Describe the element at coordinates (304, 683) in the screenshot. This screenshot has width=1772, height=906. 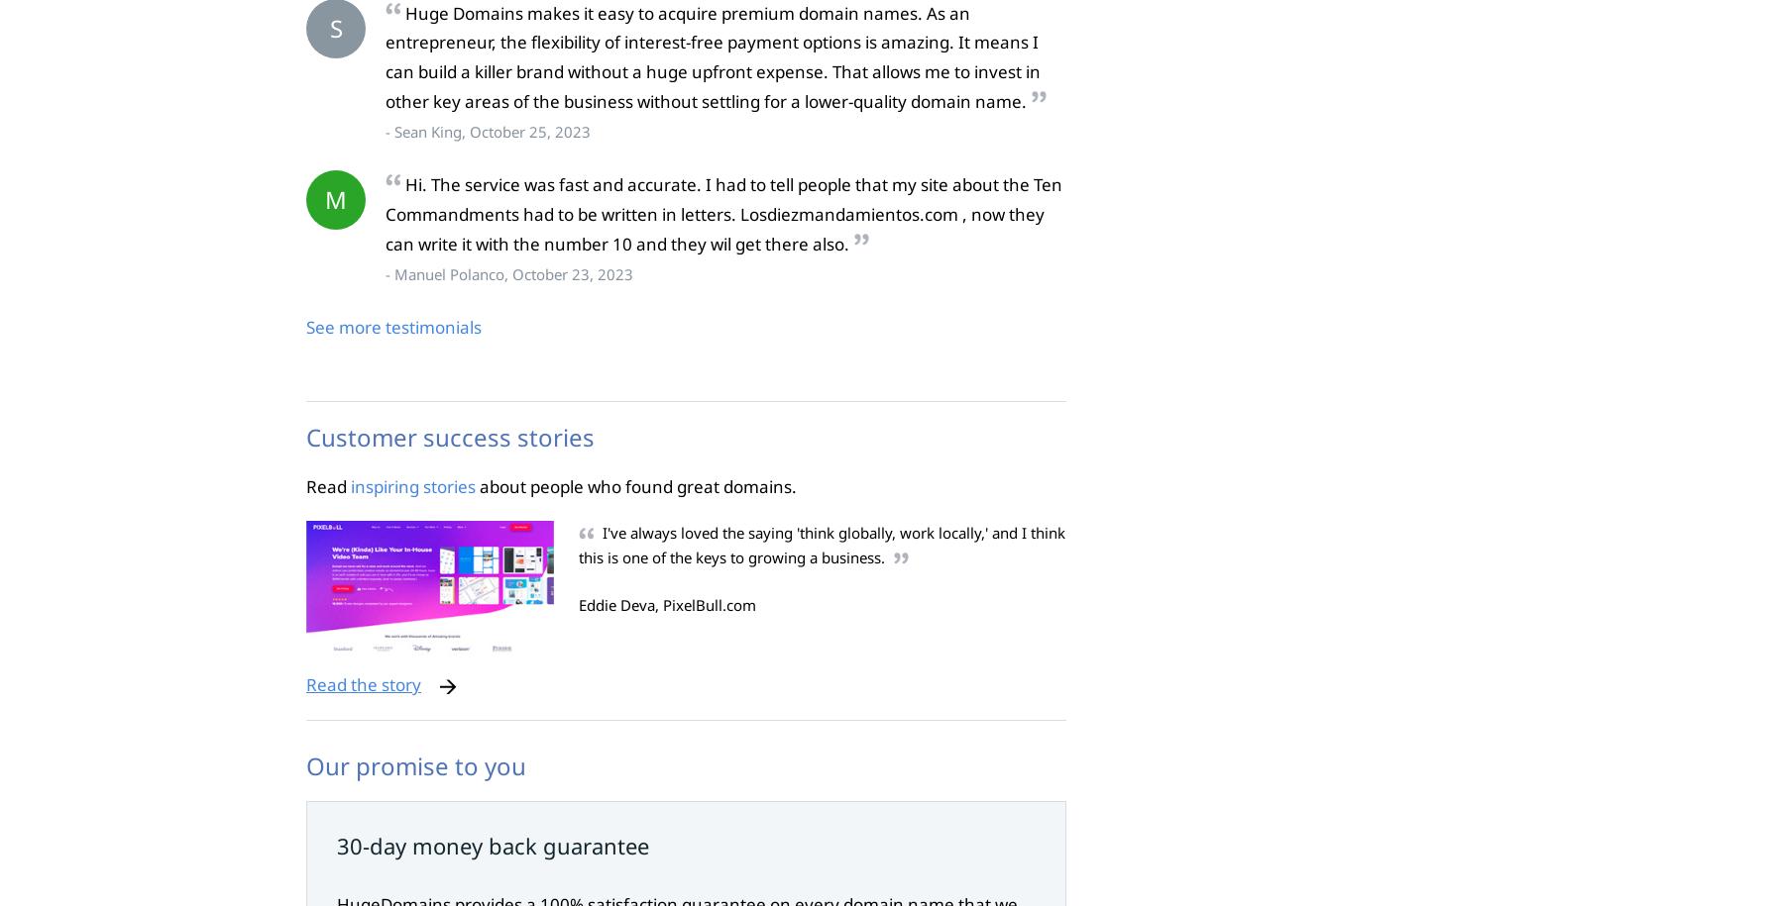
I see `'Read the story'` at that location.